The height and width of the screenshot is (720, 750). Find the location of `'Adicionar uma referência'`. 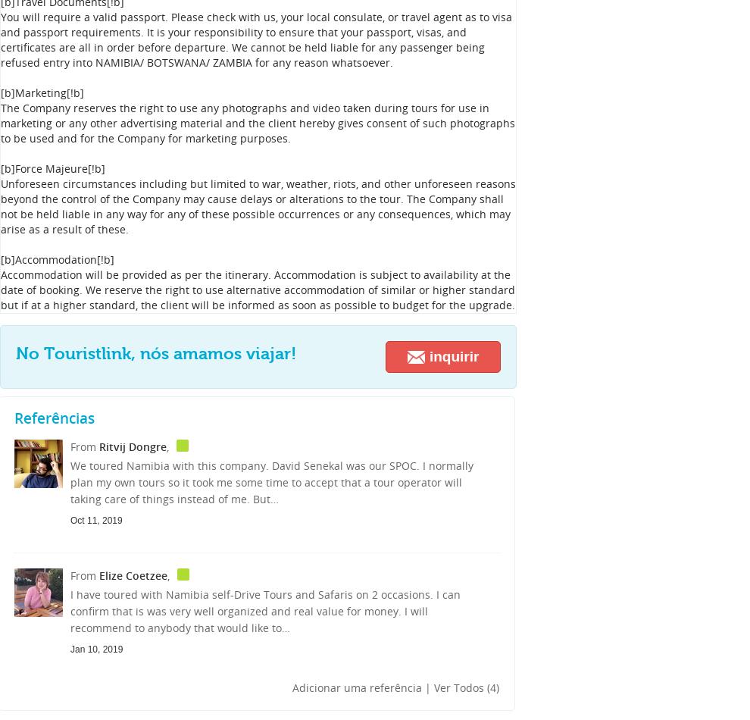

'Adicionar uma referência' is located at coordinates (292, 687).